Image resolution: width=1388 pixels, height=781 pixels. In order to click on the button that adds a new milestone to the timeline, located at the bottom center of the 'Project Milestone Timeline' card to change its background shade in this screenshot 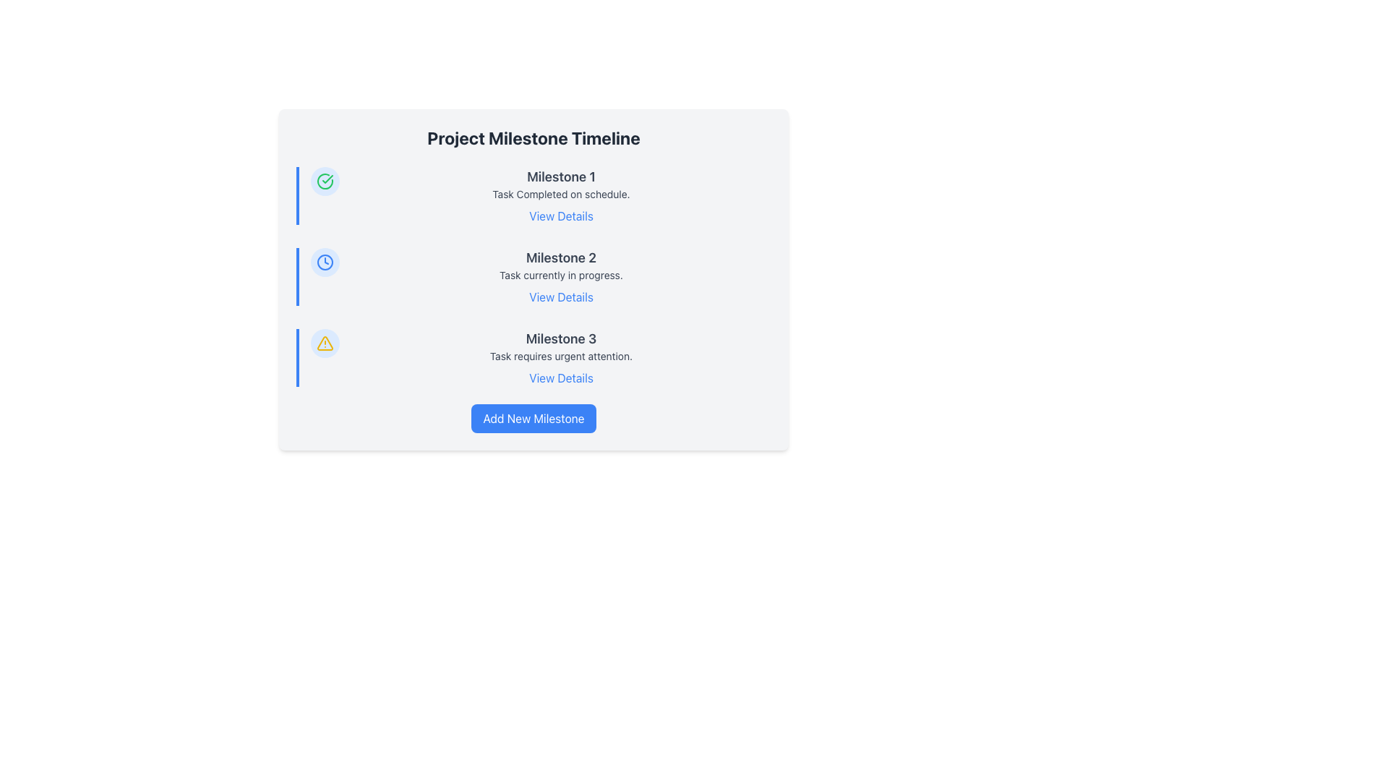, I will do `click(533, 418)`.